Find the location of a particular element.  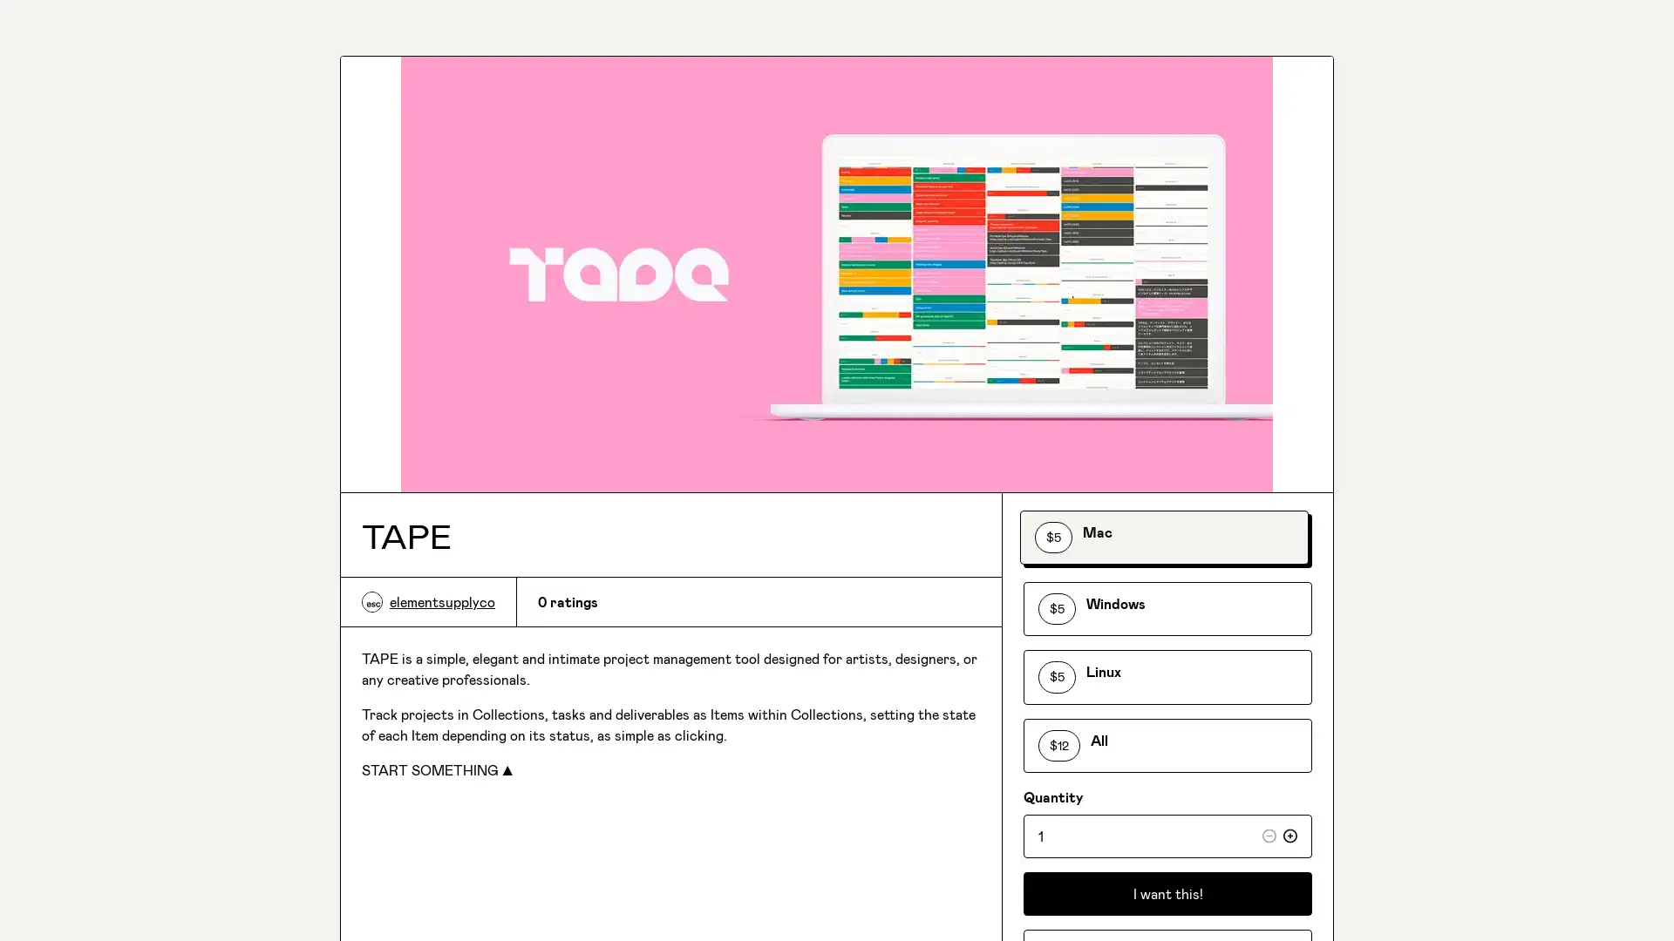

Increase quantity is located at coordinates (1290, 835).